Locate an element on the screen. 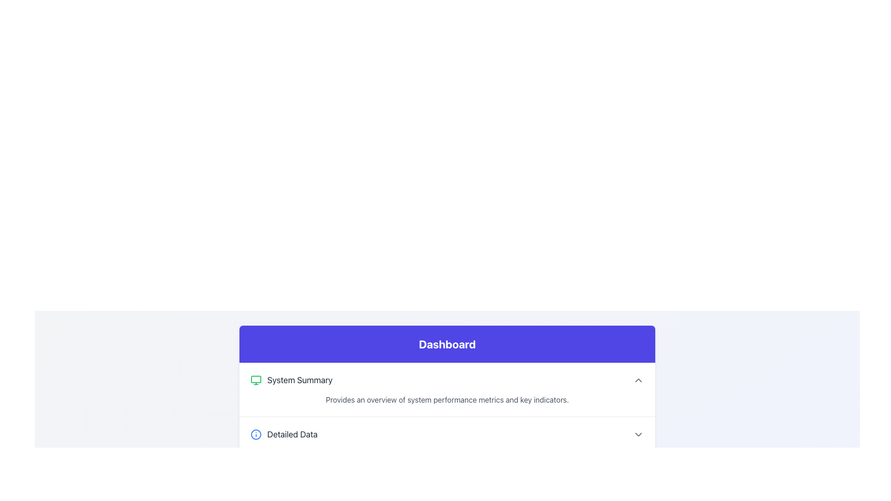  the 'Detailed Data' Text Label with Icon to possibly reveal additional details is located at coordinates (284, 435).